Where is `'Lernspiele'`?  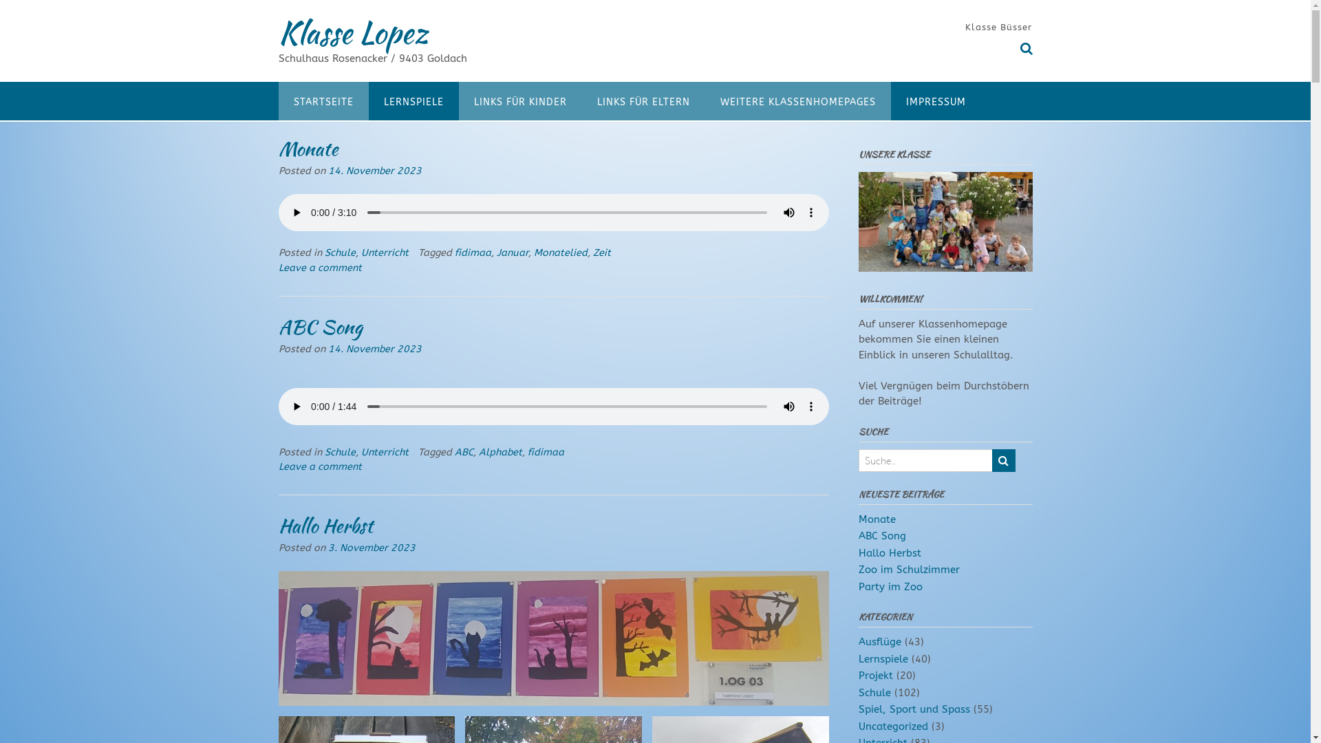
'Lernspiele' is located at coordinates (883, 658).